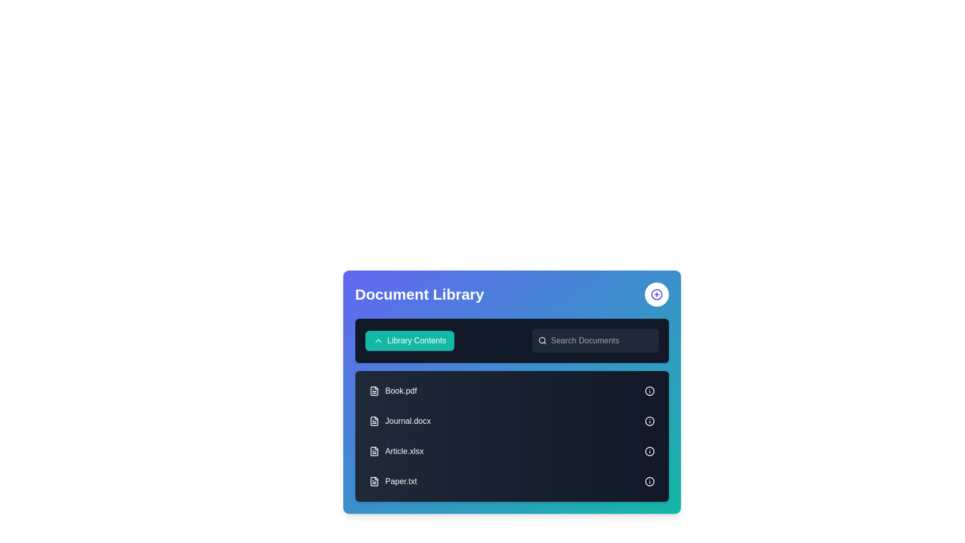  What do you see at coordinates (649, 421) in the screenshot?
I see `the information icon located at the far right end of the second row under the 'Document Library' heading` at bounding box center [649, 421].